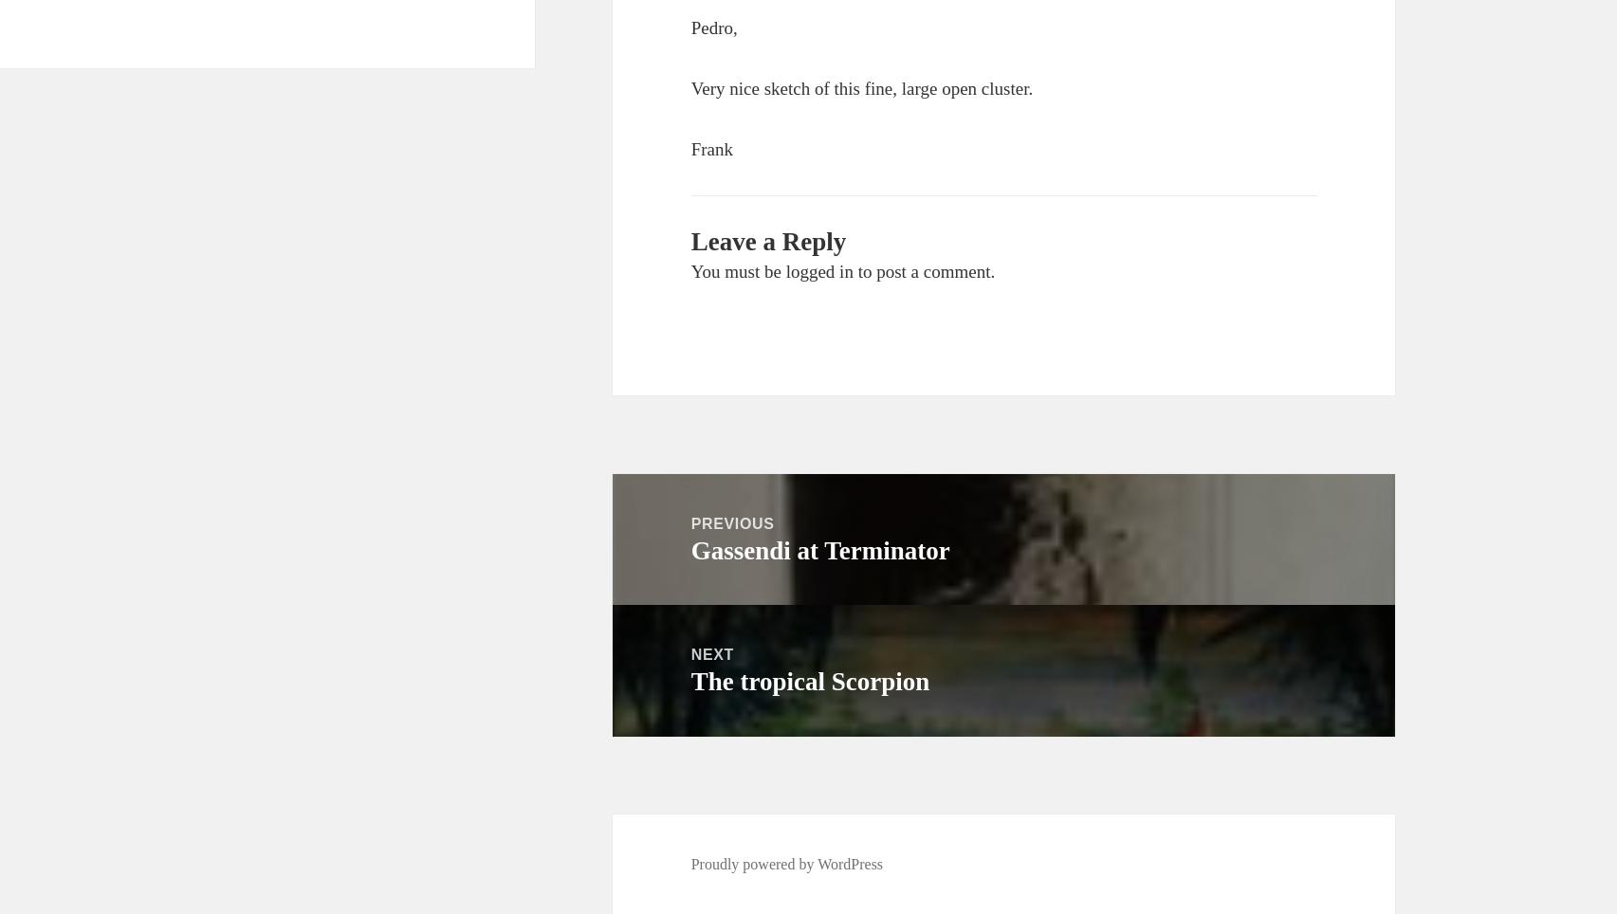 The height and width of the screenshot is (914, 1617). I want to click on 'Frank', so click(711, 148).